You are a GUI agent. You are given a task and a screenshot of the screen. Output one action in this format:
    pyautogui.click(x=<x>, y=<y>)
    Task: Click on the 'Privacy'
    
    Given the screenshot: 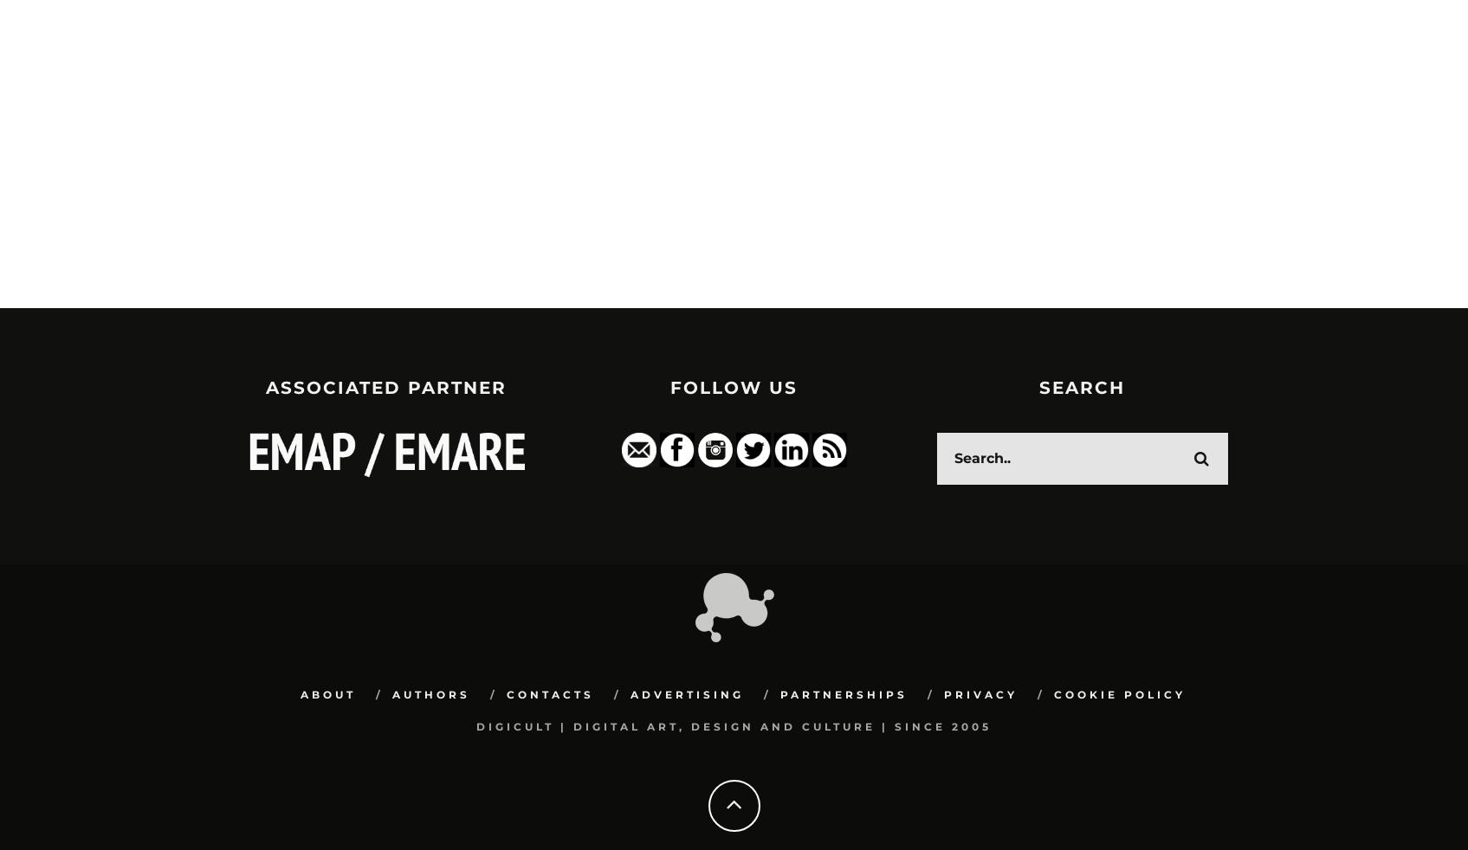 What is the action you would take?
    pyautogui.click(x=979, y=695)
    